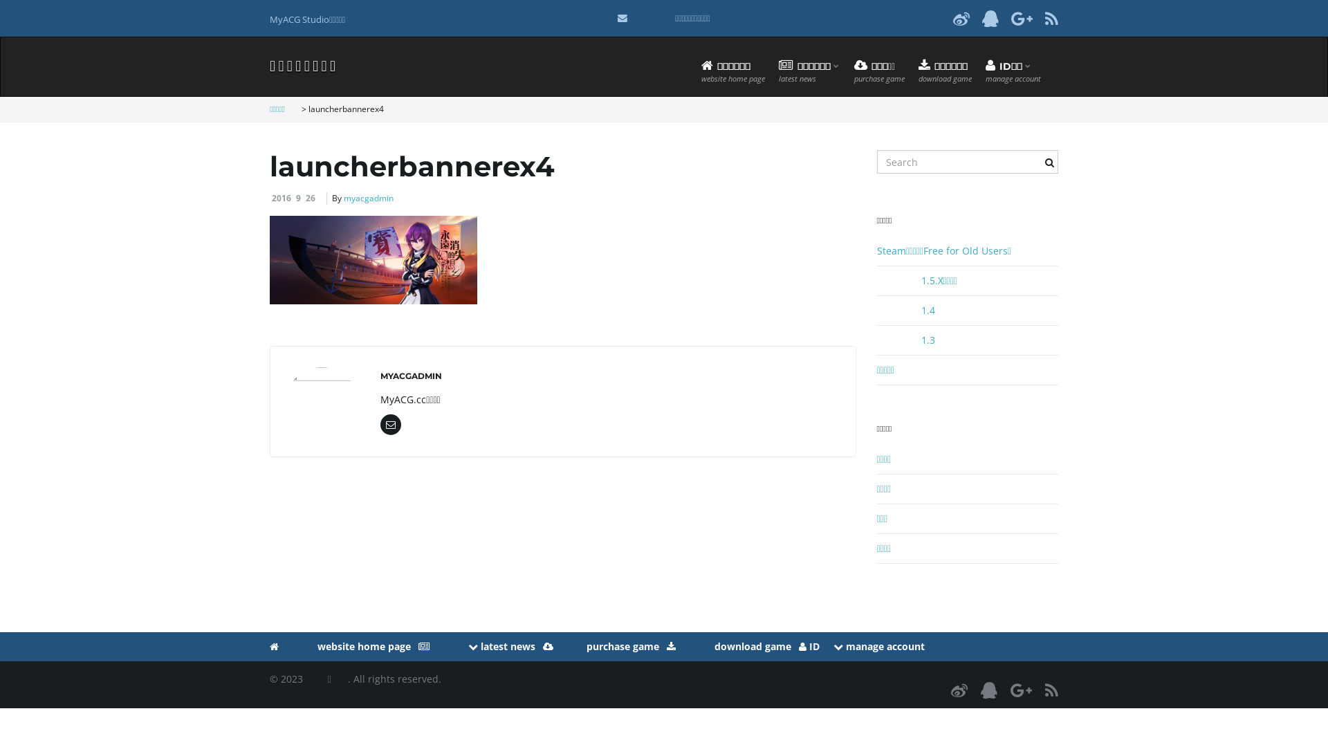 This screenshot has height=747, width=1328. Describe the element at coordinates (989, 18) in the screenshot. I see `'QQ Group'` at that location.